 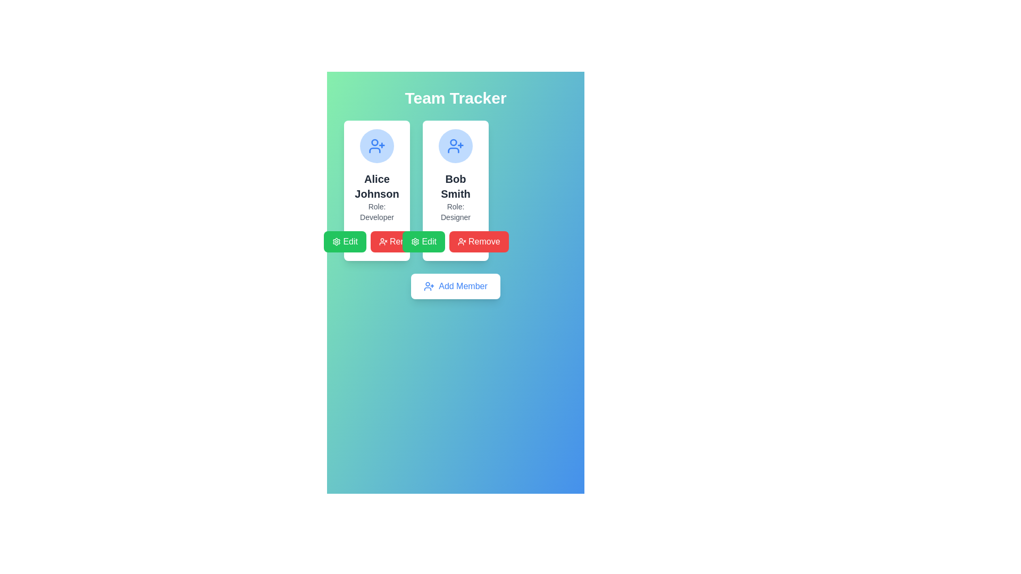 What do you see at coordinates (336, 242) in the screenshot?
I see `the 'Edit' button icon located at the bottom left of Alice Johnson's profile card, which indicates configuration or modification options` at bounding box center [336, 242].